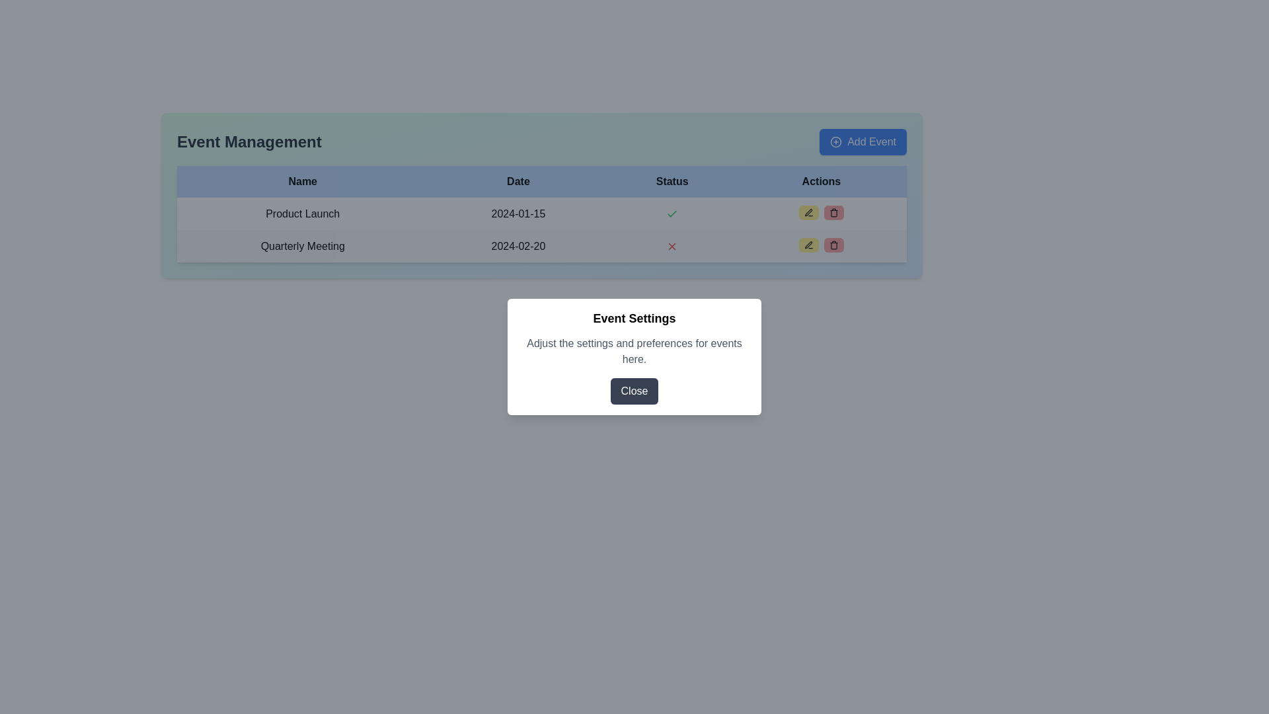 The image size is (1269, 714). I want to click on the 'Add Event' button, which is a rectangular button with a blue background and white text, located in the top-right corner of the 'Event Management' interface, so click(863, 142).